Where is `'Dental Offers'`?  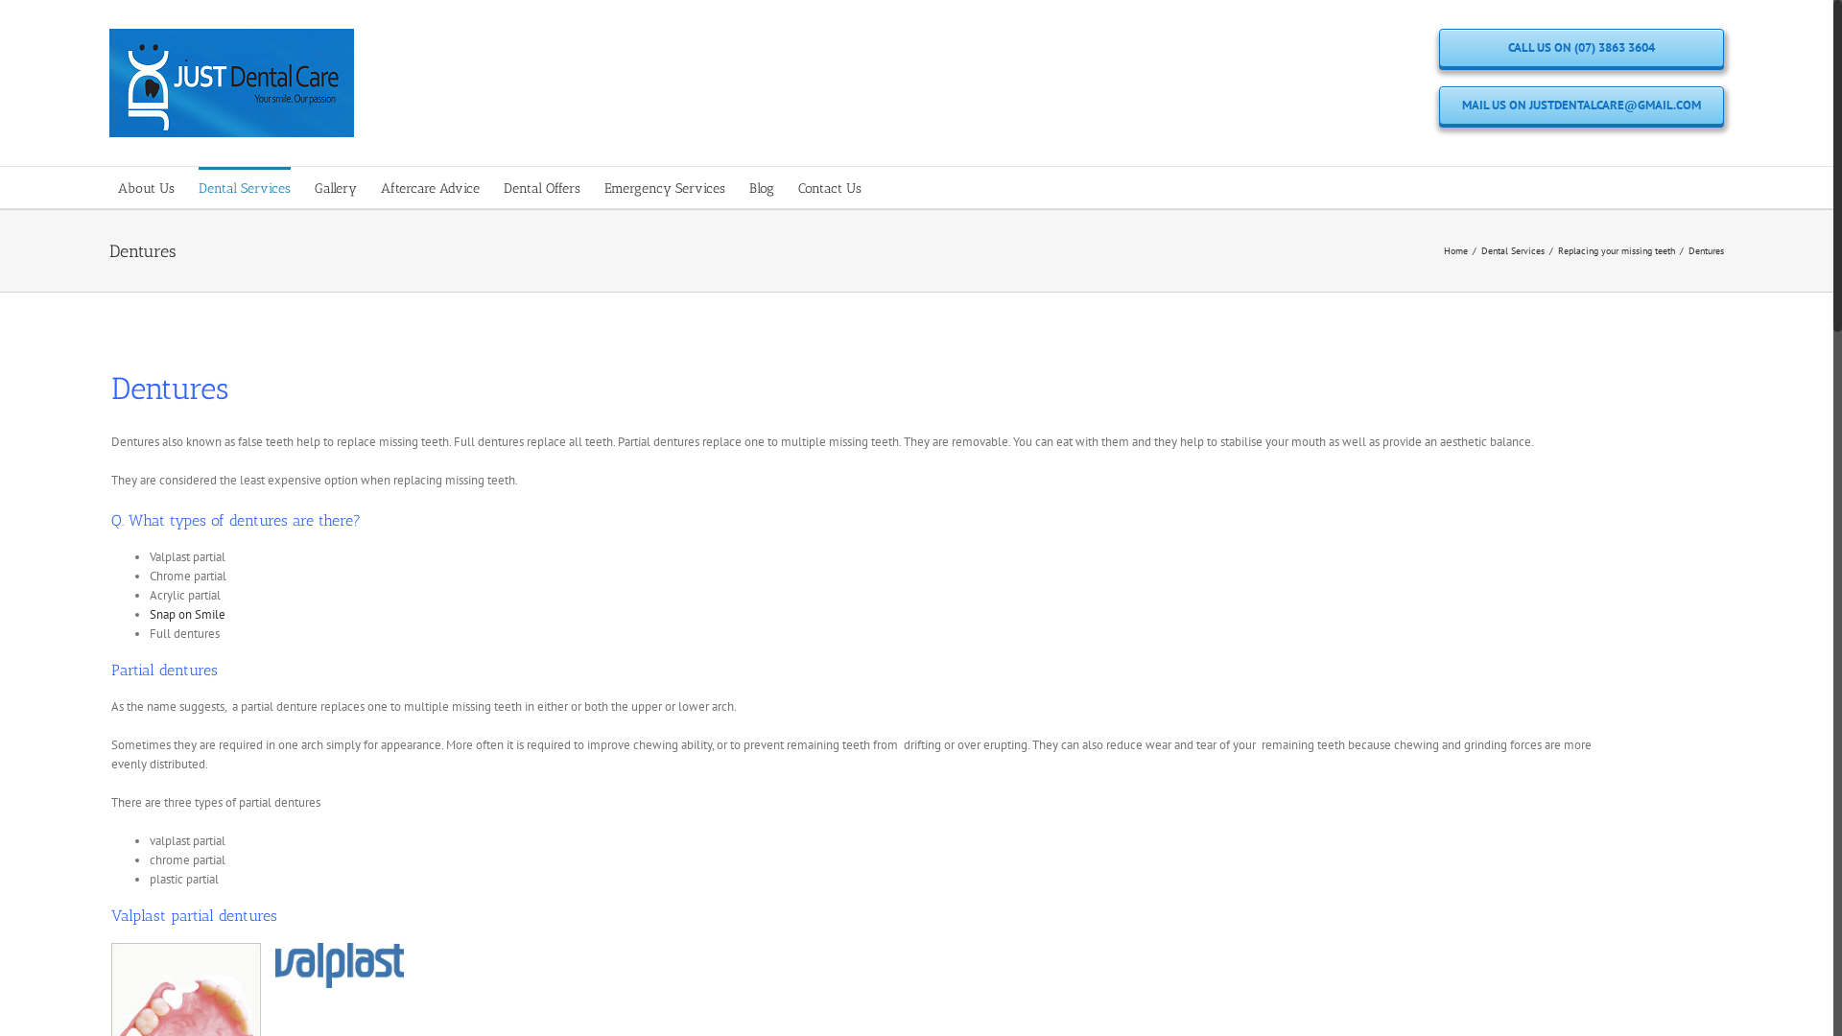
'Dental Offers' is located at coordinates (541, 187).